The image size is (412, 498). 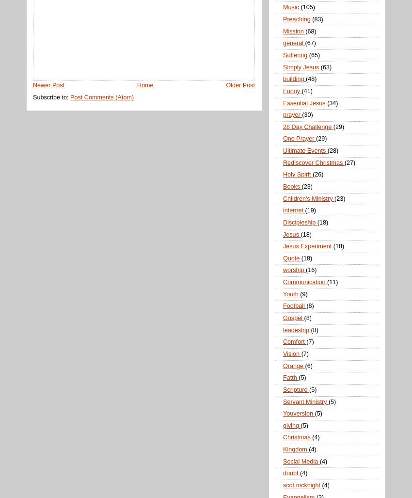 I want to click on 'Post Comments (Atom)', so click(x=101, y=96).